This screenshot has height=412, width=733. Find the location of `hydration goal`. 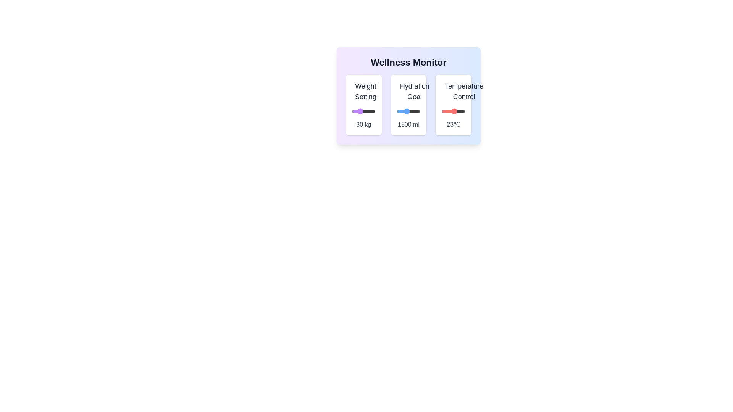

hydration goal is located at coordinates (400, 111).